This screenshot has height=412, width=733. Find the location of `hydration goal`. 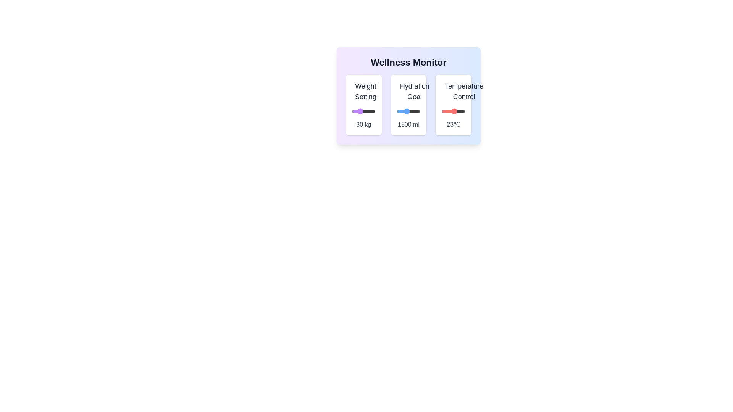

hydration goal is located at coordinates (400, 111).